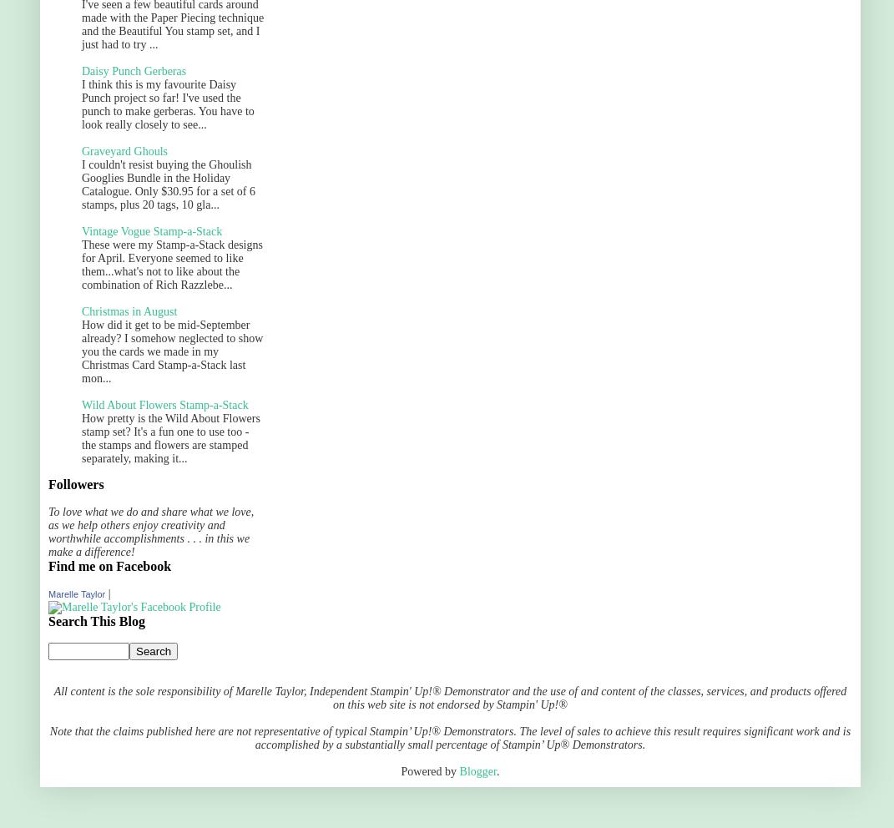  Describe the element at coordinates (48, 593) in the screenshot. I see `'Marelle Taylor'` at that location.